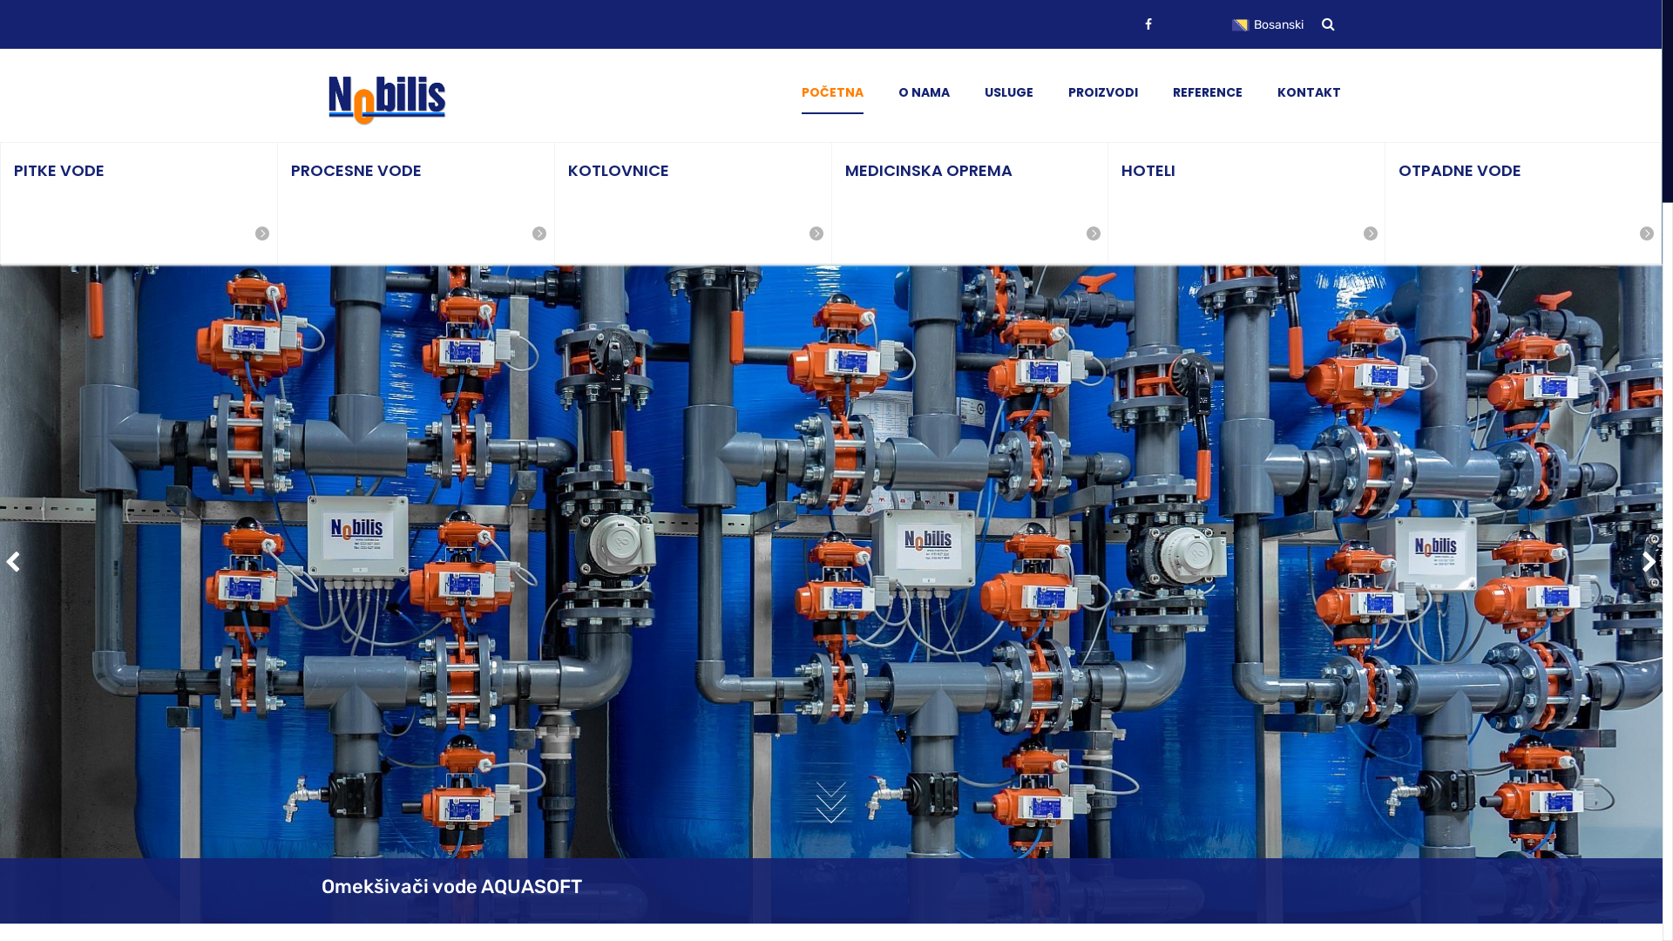 This screenshot has width=1673, height=941. Describe the element at coordinates (1309, 91) in the screenshot. I see `'KONTAKT'` at that location.